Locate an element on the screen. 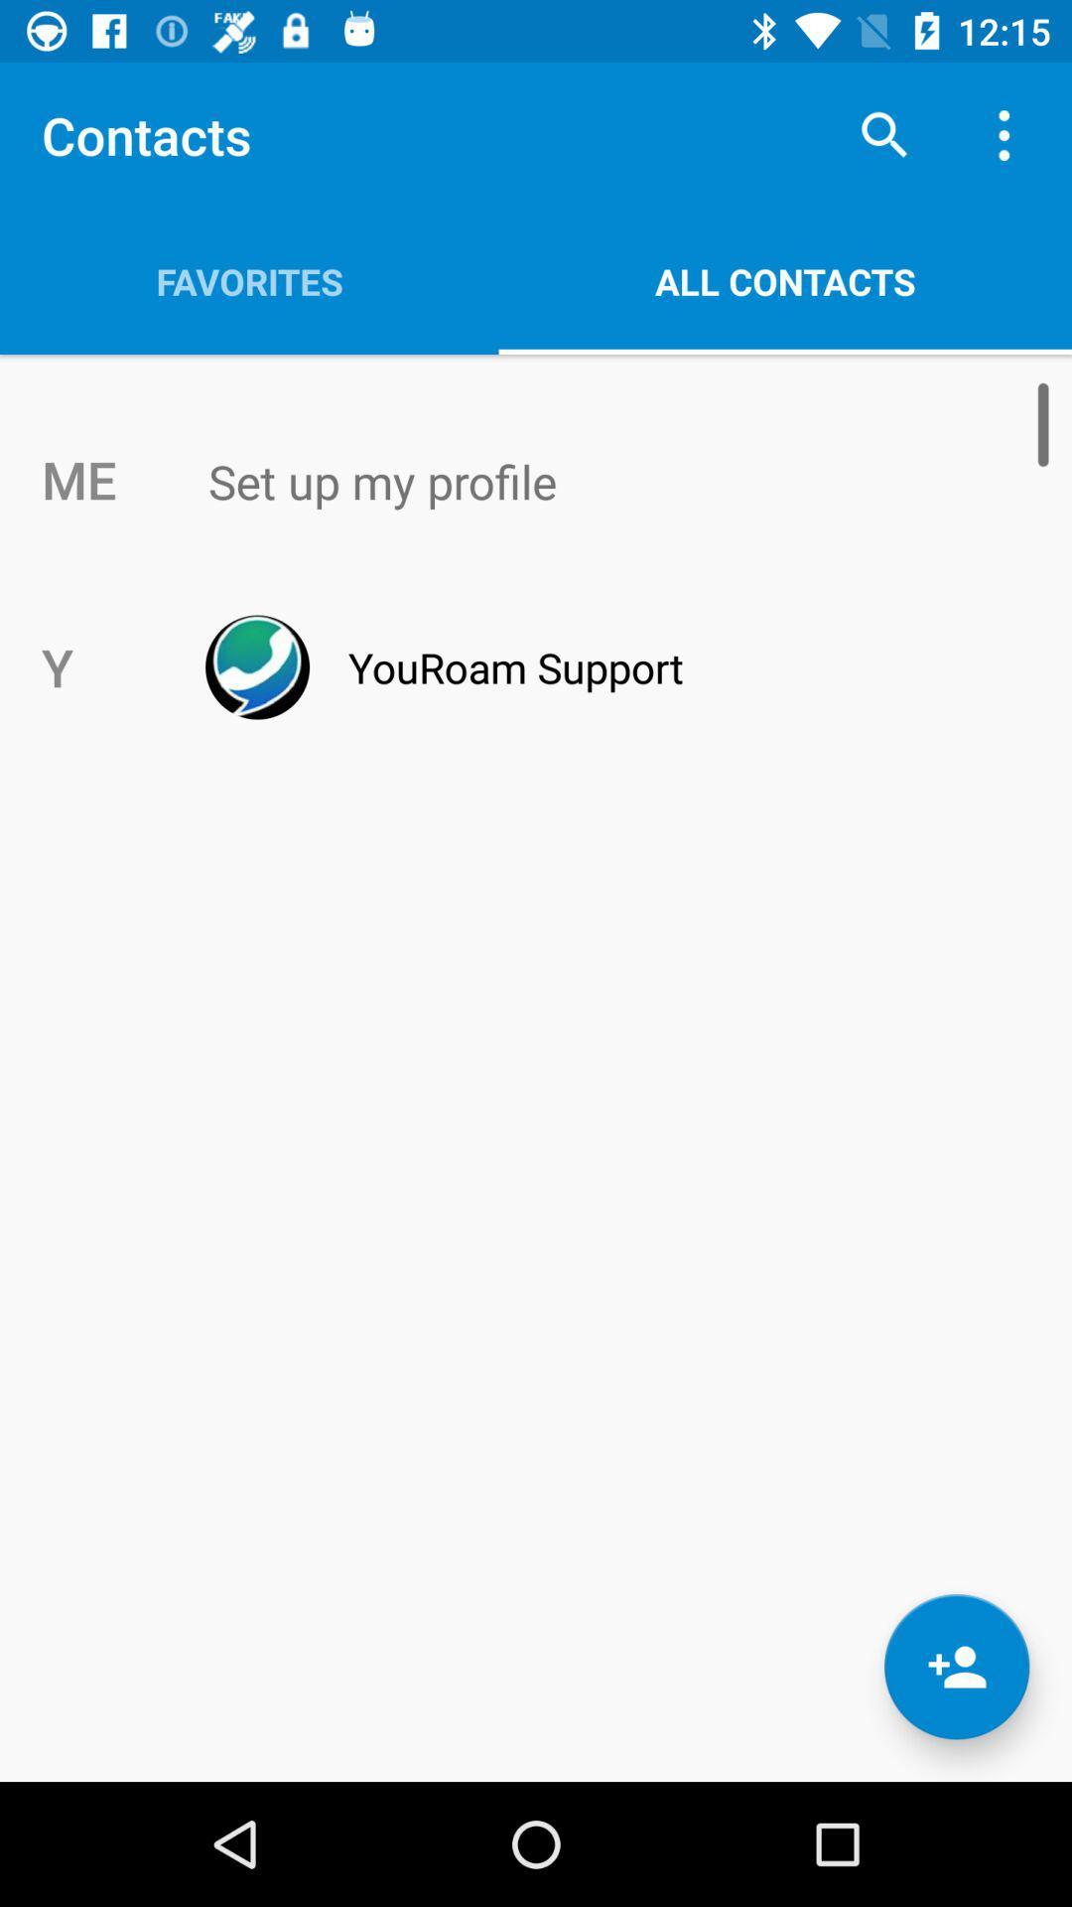 The height and width of the screenshot is (1907, 1072). the icon next to me is located at coordinates (578, 482).